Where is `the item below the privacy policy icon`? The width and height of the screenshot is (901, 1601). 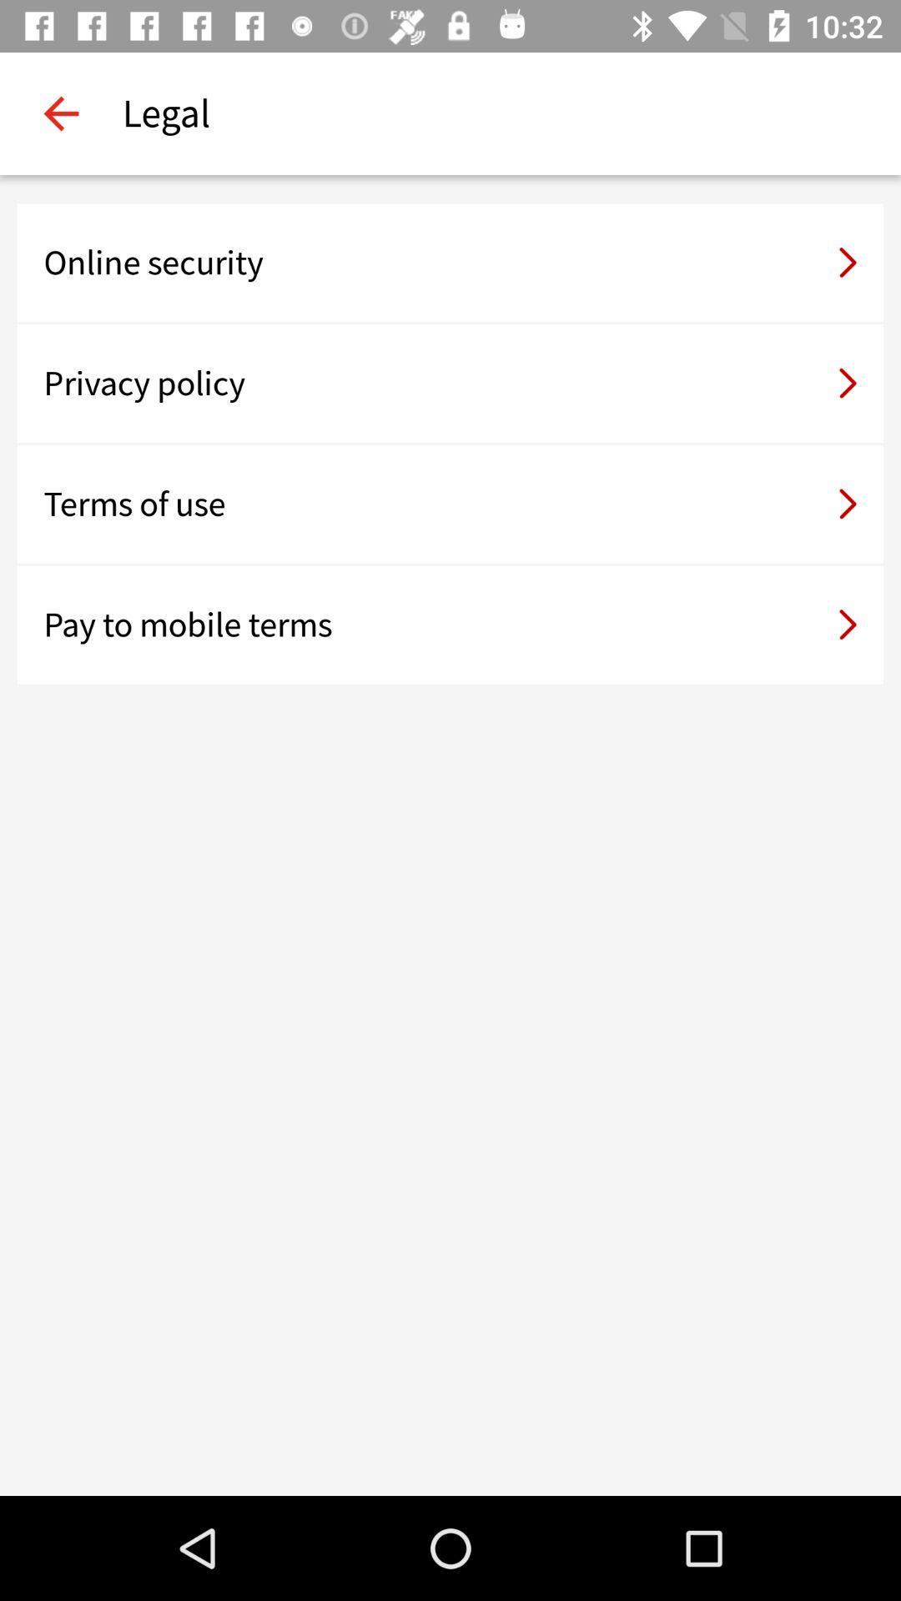 the item below the privacy policy icon is located at coordinates (450, 503).